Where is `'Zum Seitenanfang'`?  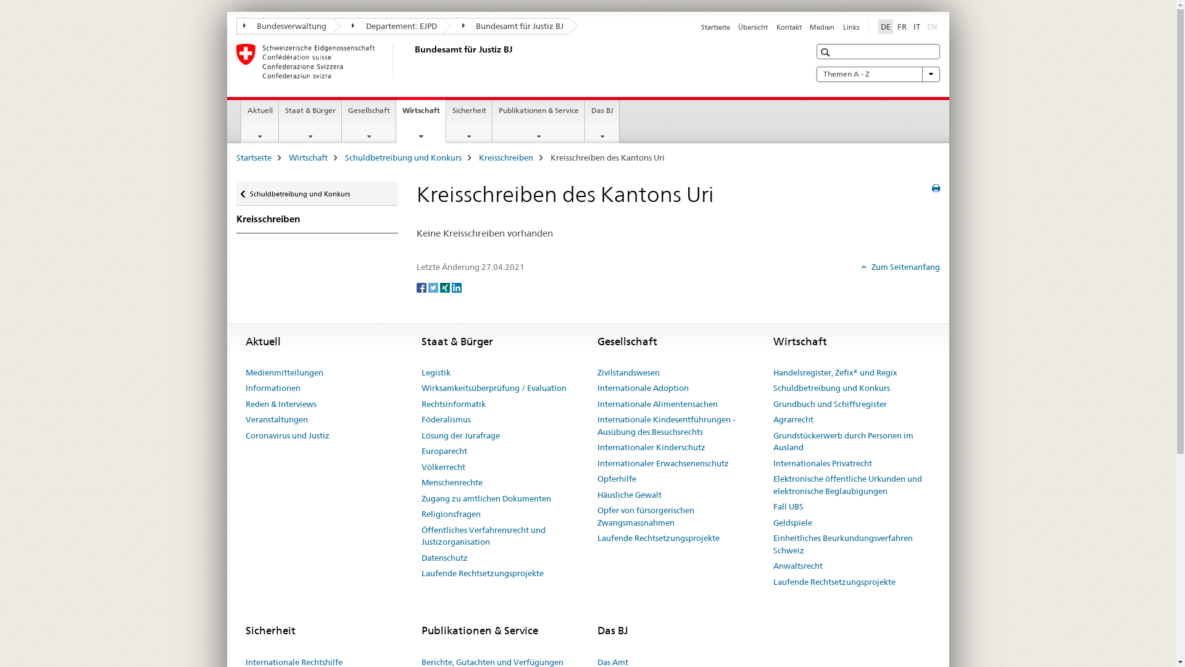 'Zum Seitenanfang' is located at coordinates (900, 266).